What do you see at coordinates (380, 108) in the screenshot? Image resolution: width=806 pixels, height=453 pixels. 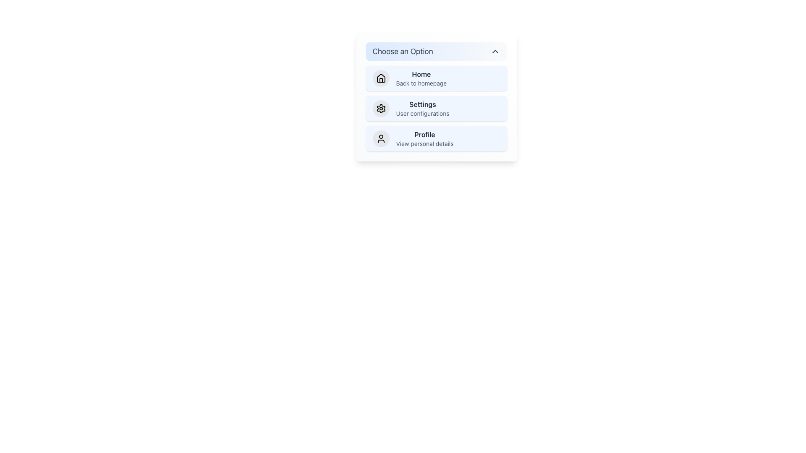 I see `the 'Settings' icon, which is the second element in the vertical list of options, located to the left of the 'Settings' label` at bounding box center [380, 108].